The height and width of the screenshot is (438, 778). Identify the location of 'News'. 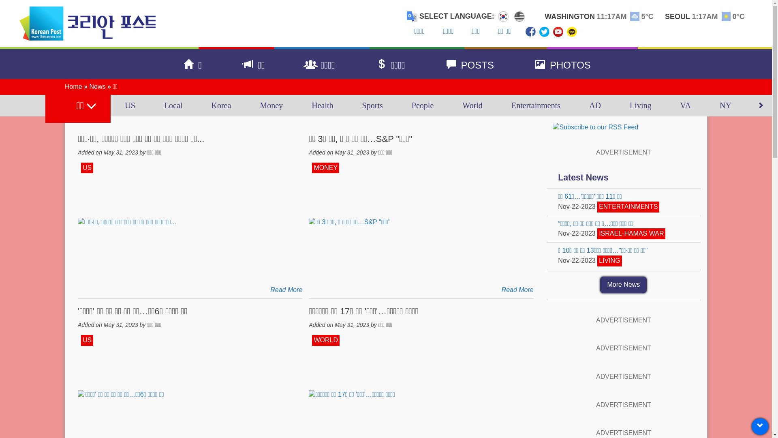
(89, 86).